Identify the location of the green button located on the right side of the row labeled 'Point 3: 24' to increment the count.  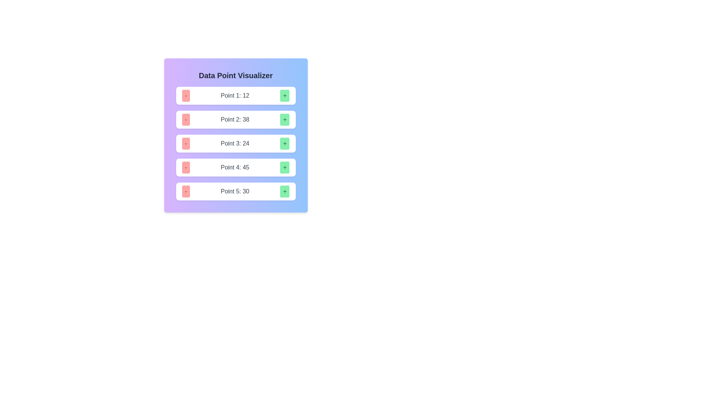
(284, 144).